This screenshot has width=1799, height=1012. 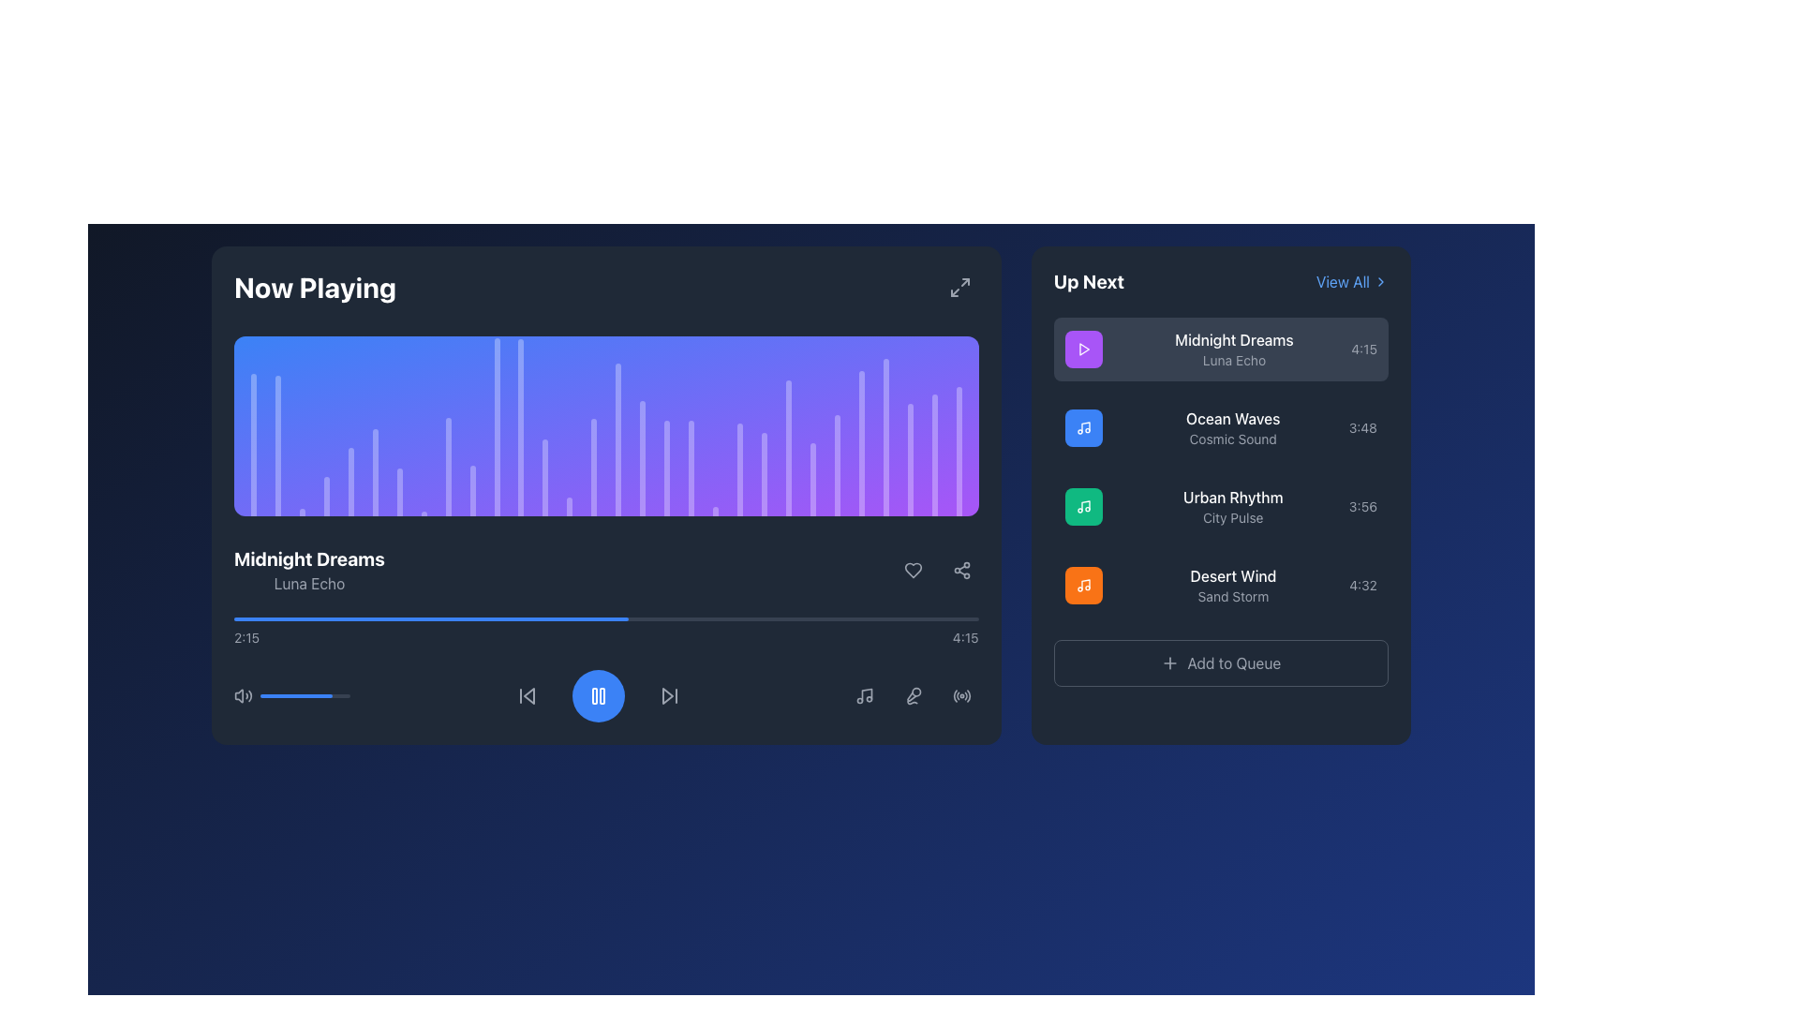 What do you see at coordinates (1233, 418) in the screenshot?
I see `the static text element displaying 'Ocean Waves' in white font, which is centrally positioned within a dark rectangle in the 'Up Next' list` at bounding box center [1233, 418].